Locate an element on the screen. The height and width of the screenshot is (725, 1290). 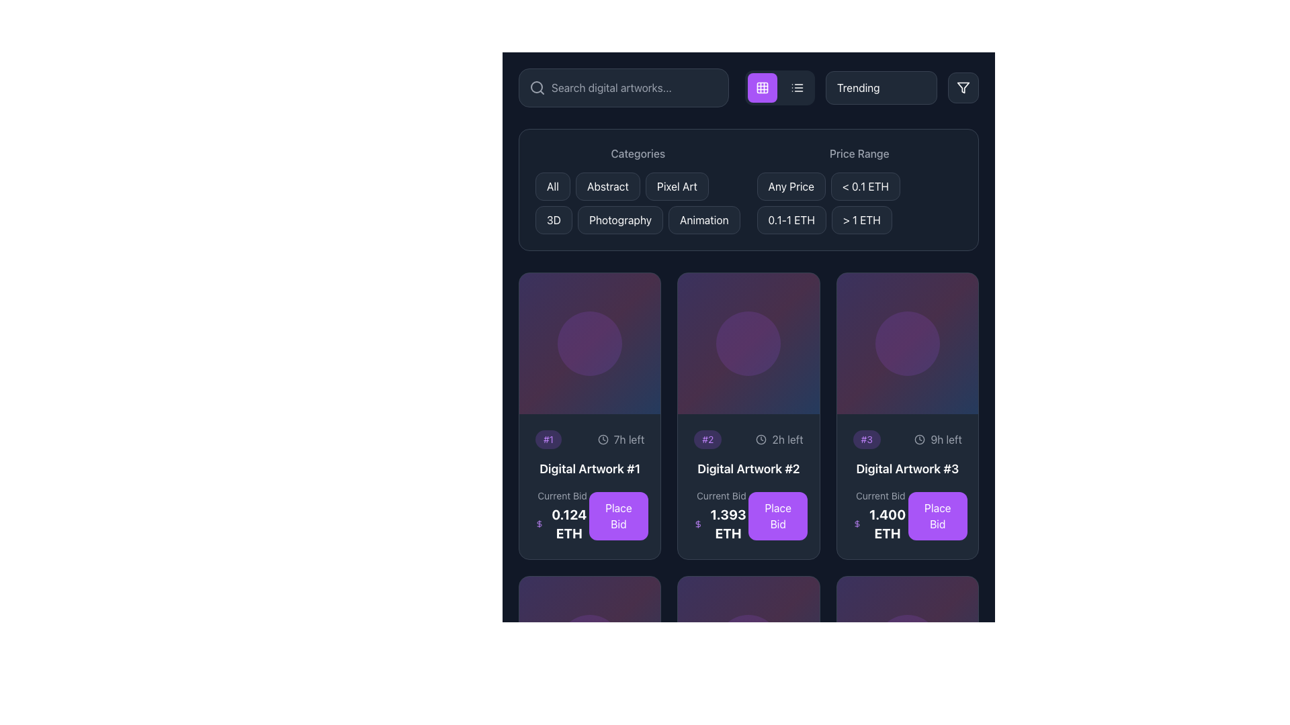
the button labeled '> 1 ETH' which is the fourth button in the price range options located in the top right section of the page is located at coordinates (861, 219).